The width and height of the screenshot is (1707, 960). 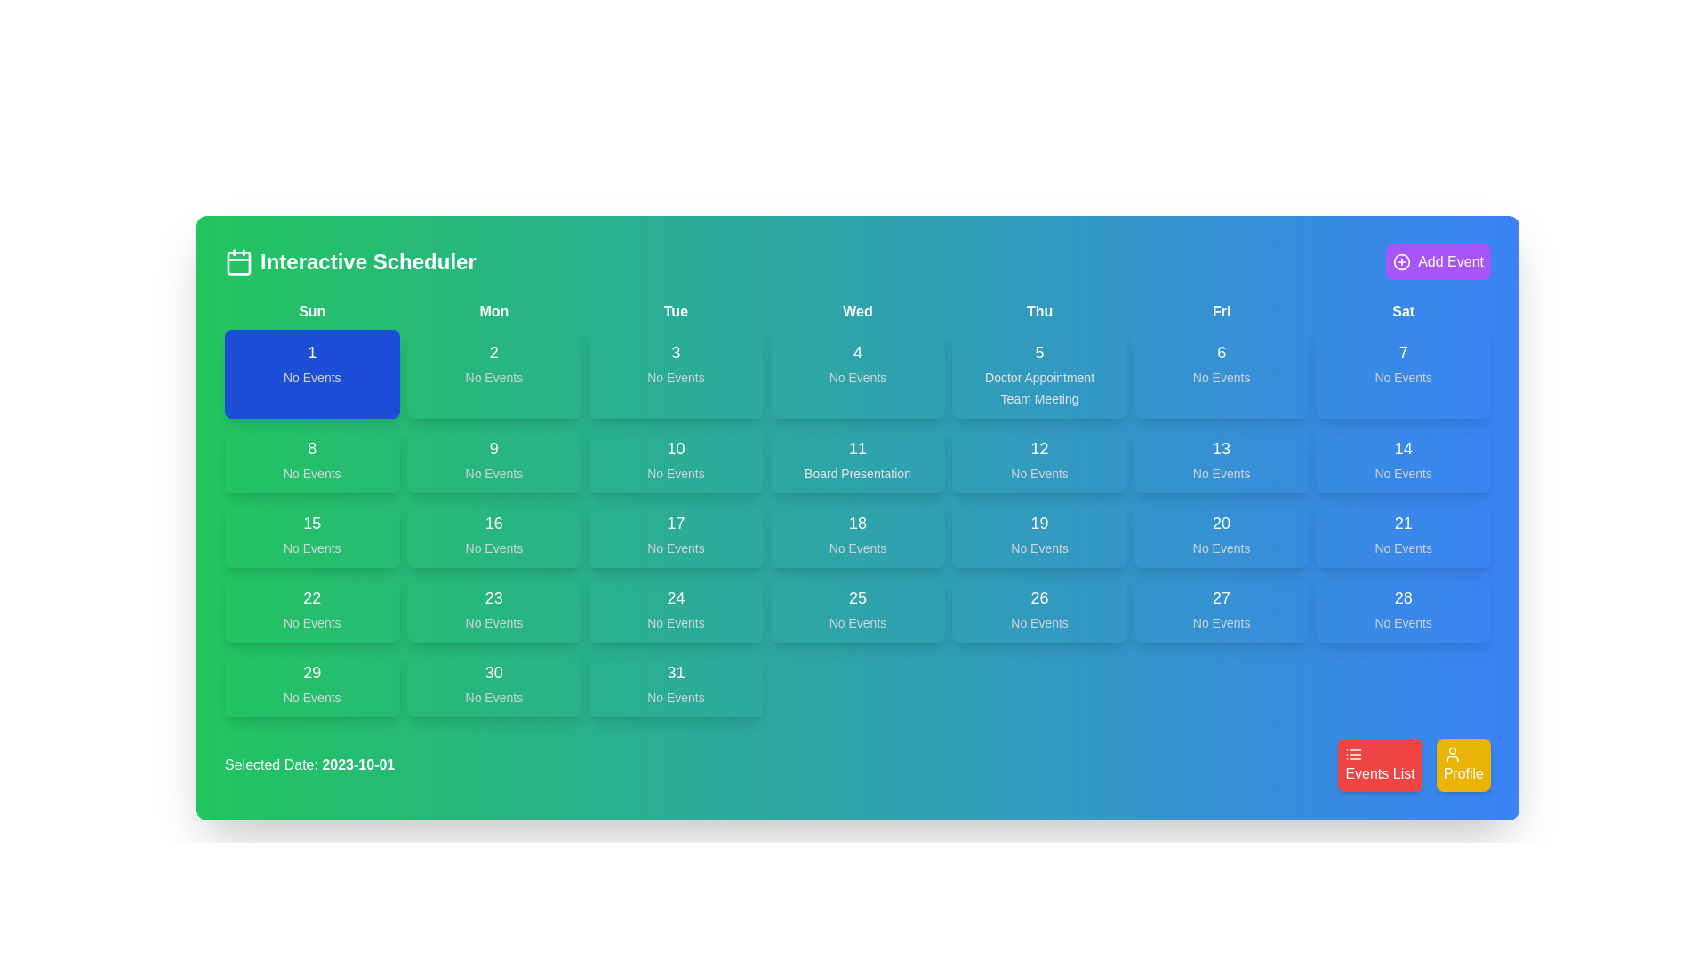 What do you see at coordinates (1039, 472) in the screenshot?
I see `the text label 'No Events' located at the bottom of the card labeled '12' in the fourth column of the weekly calendar grid under the header 'Thu'` at bounding box center [1039, 472].